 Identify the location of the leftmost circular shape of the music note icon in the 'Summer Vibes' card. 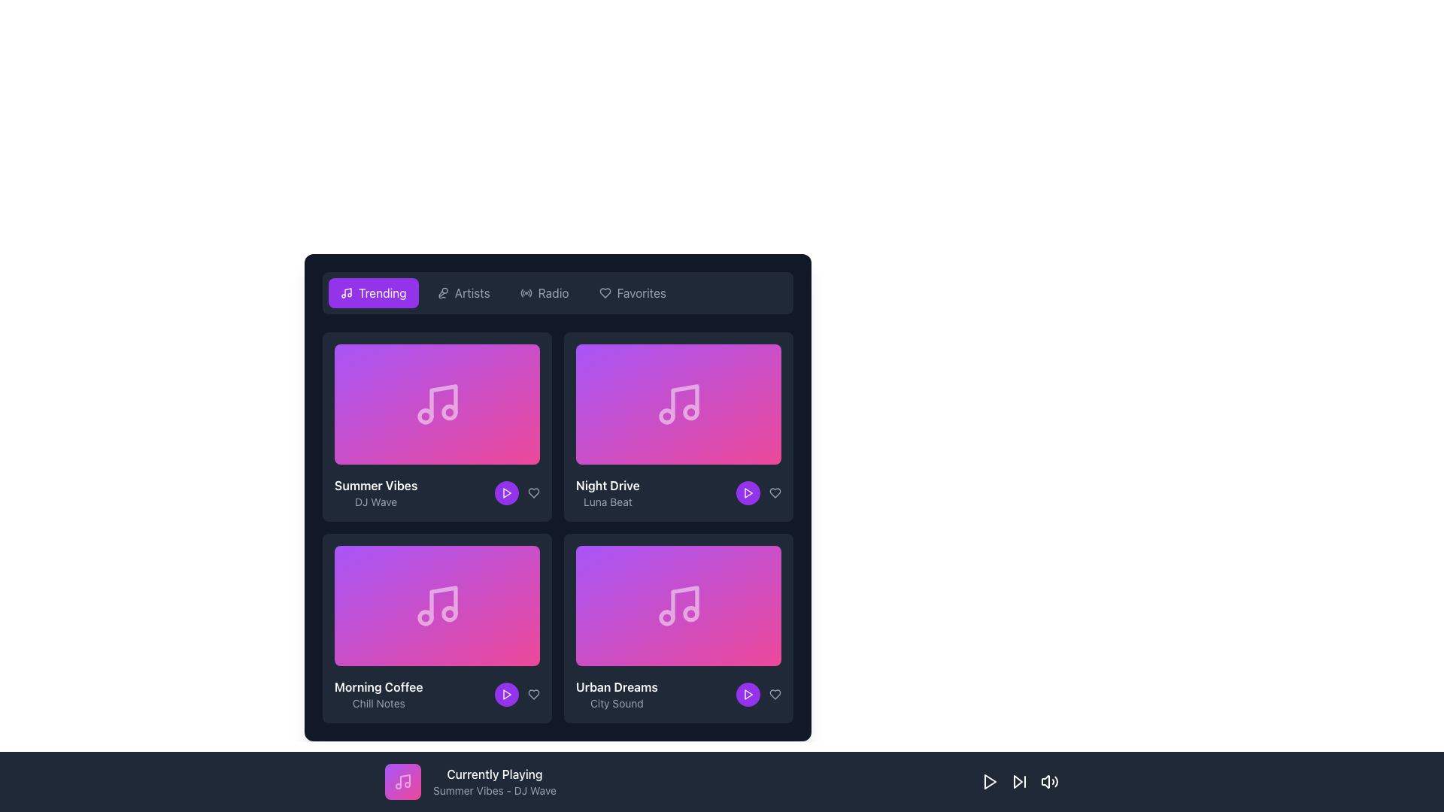
(424, 417).